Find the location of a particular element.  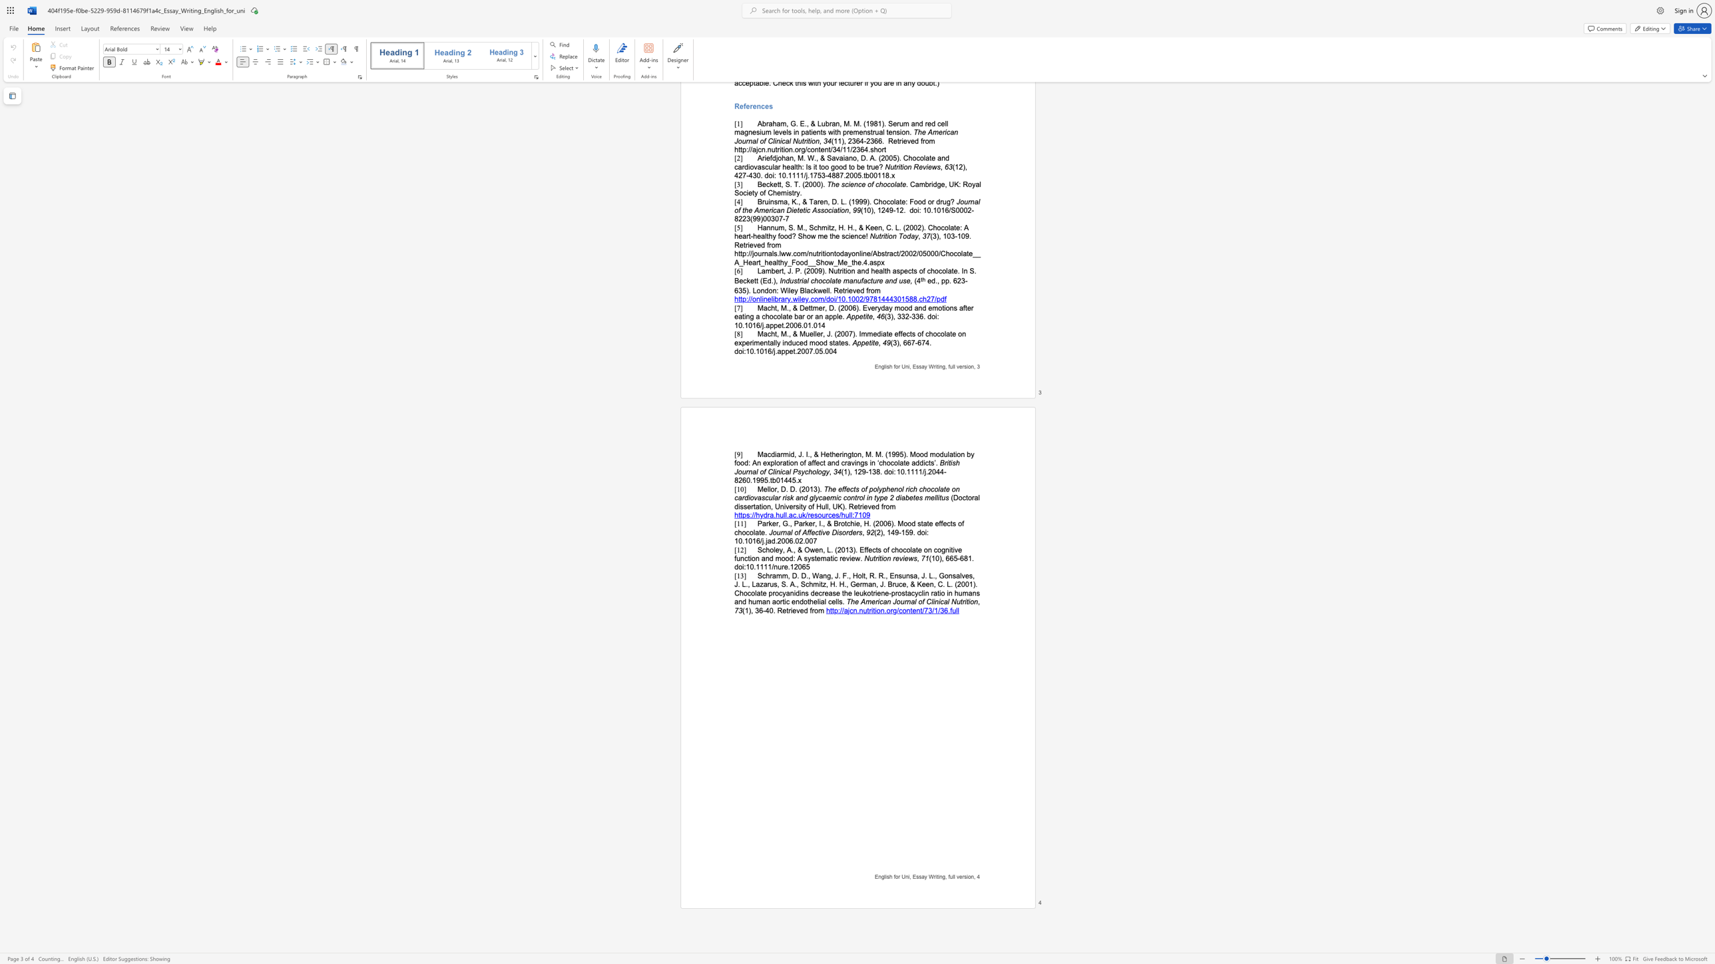

the 1th character "h" in the text is located at coordinates (740, 532).